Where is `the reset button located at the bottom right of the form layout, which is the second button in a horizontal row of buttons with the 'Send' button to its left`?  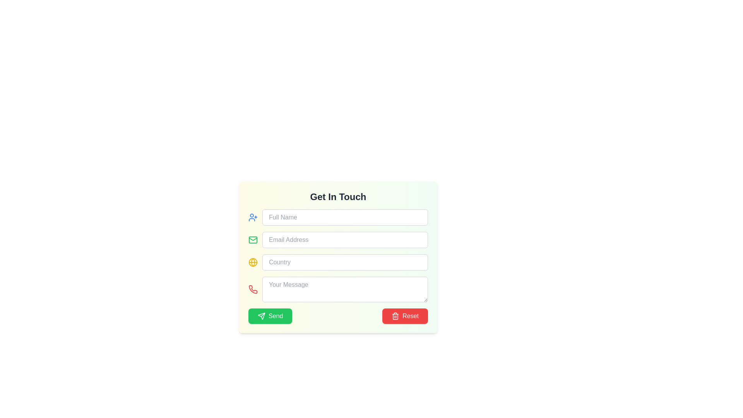
the reset button located at the bottom right of the form layout, which is the second button in a horizontal row of buttons with the 'Send' button to its left is located at coordinates (405, 316).